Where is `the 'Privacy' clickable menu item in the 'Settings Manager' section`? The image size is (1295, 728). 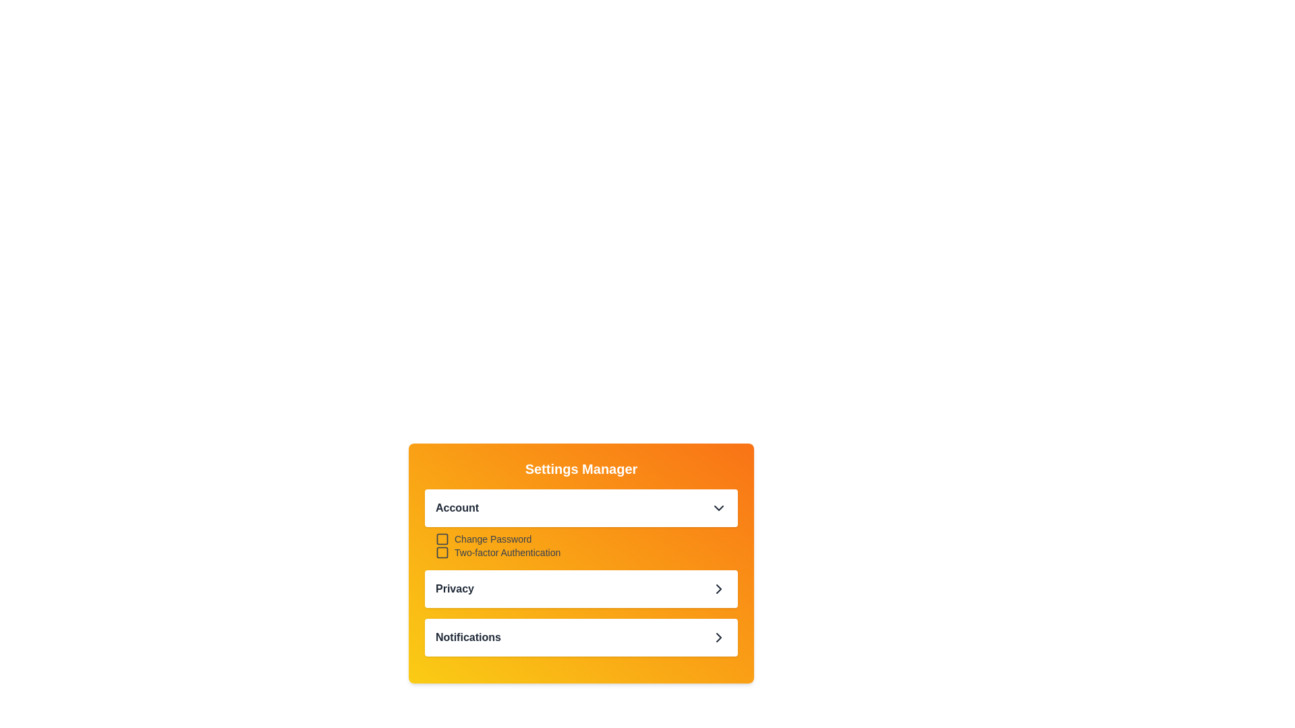
the 'Privacy' clickable menu item in the 'Settings Manager' section is located at coordinates (581, 588).